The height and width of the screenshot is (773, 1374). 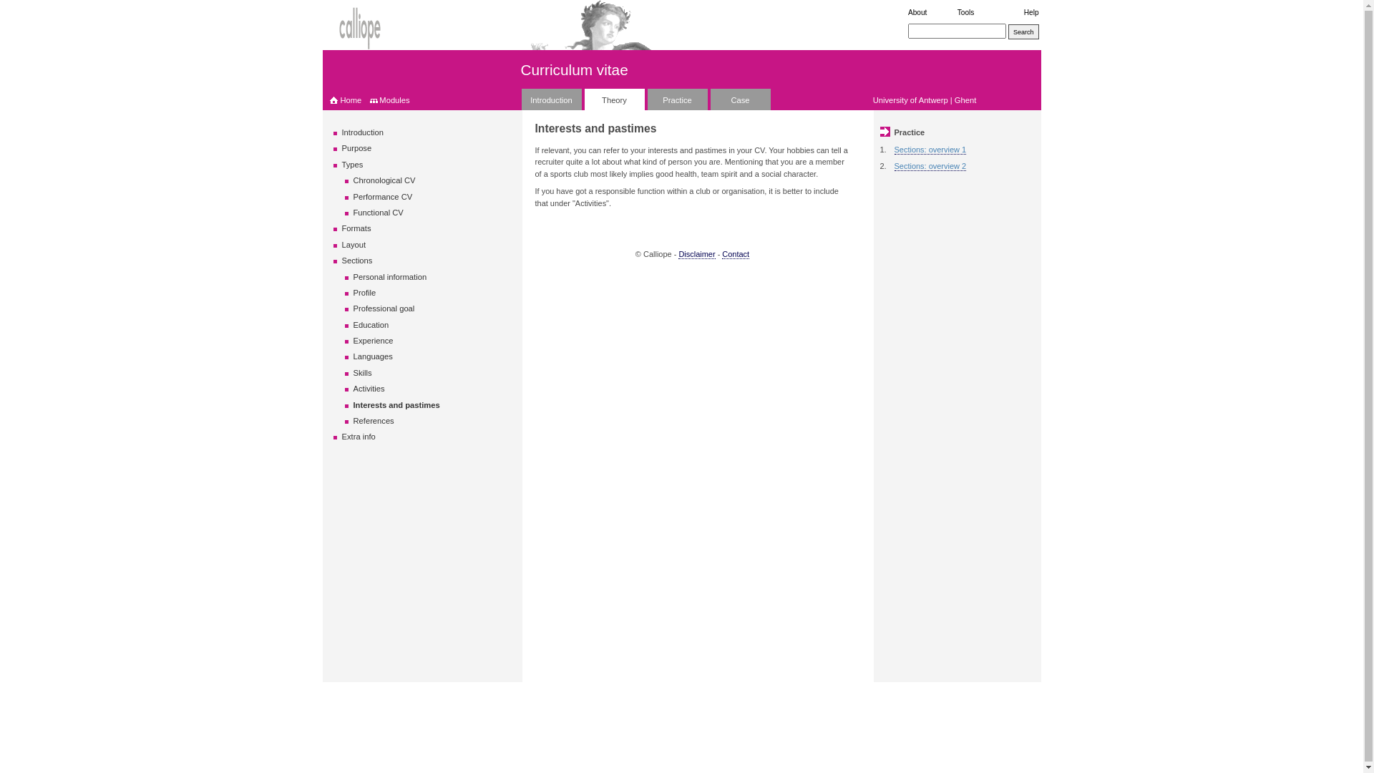 What do you see at coordinates (396, 405) in the screenshot?
I see `'Interests and pastimes'` at bounding box center [396, 405].